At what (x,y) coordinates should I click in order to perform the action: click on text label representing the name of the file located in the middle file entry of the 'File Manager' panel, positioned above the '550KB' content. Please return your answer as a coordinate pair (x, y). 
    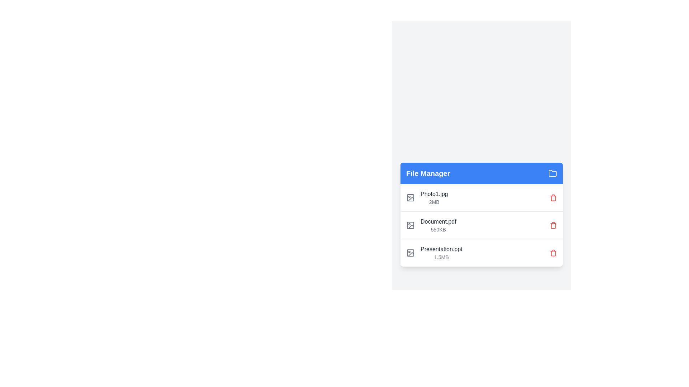
    Looking at the image, I should click on (438, 221).